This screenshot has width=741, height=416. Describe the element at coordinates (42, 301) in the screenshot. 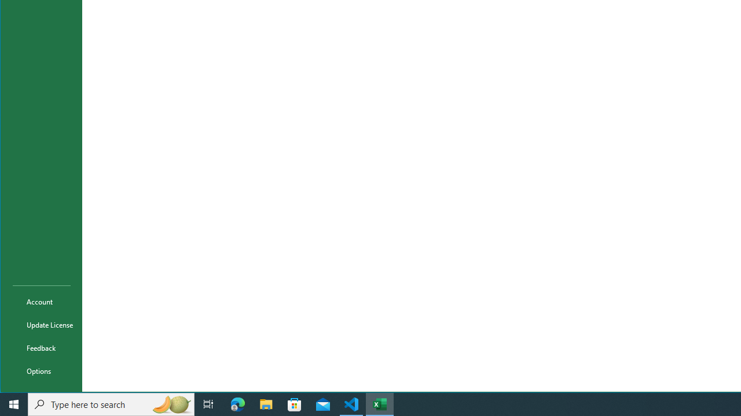

I see `'Account'` at that location.